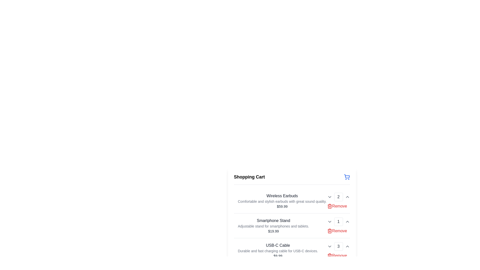 This screenshot has height=270, width=480. What do you see at coordinates (282, 206) in the screenshot?
I see `the text element displaying the price '$59.99' in gray font, located under the 'Wireless Earbuds' heading in the shopping cart interface` at bounding box center [282, 206].